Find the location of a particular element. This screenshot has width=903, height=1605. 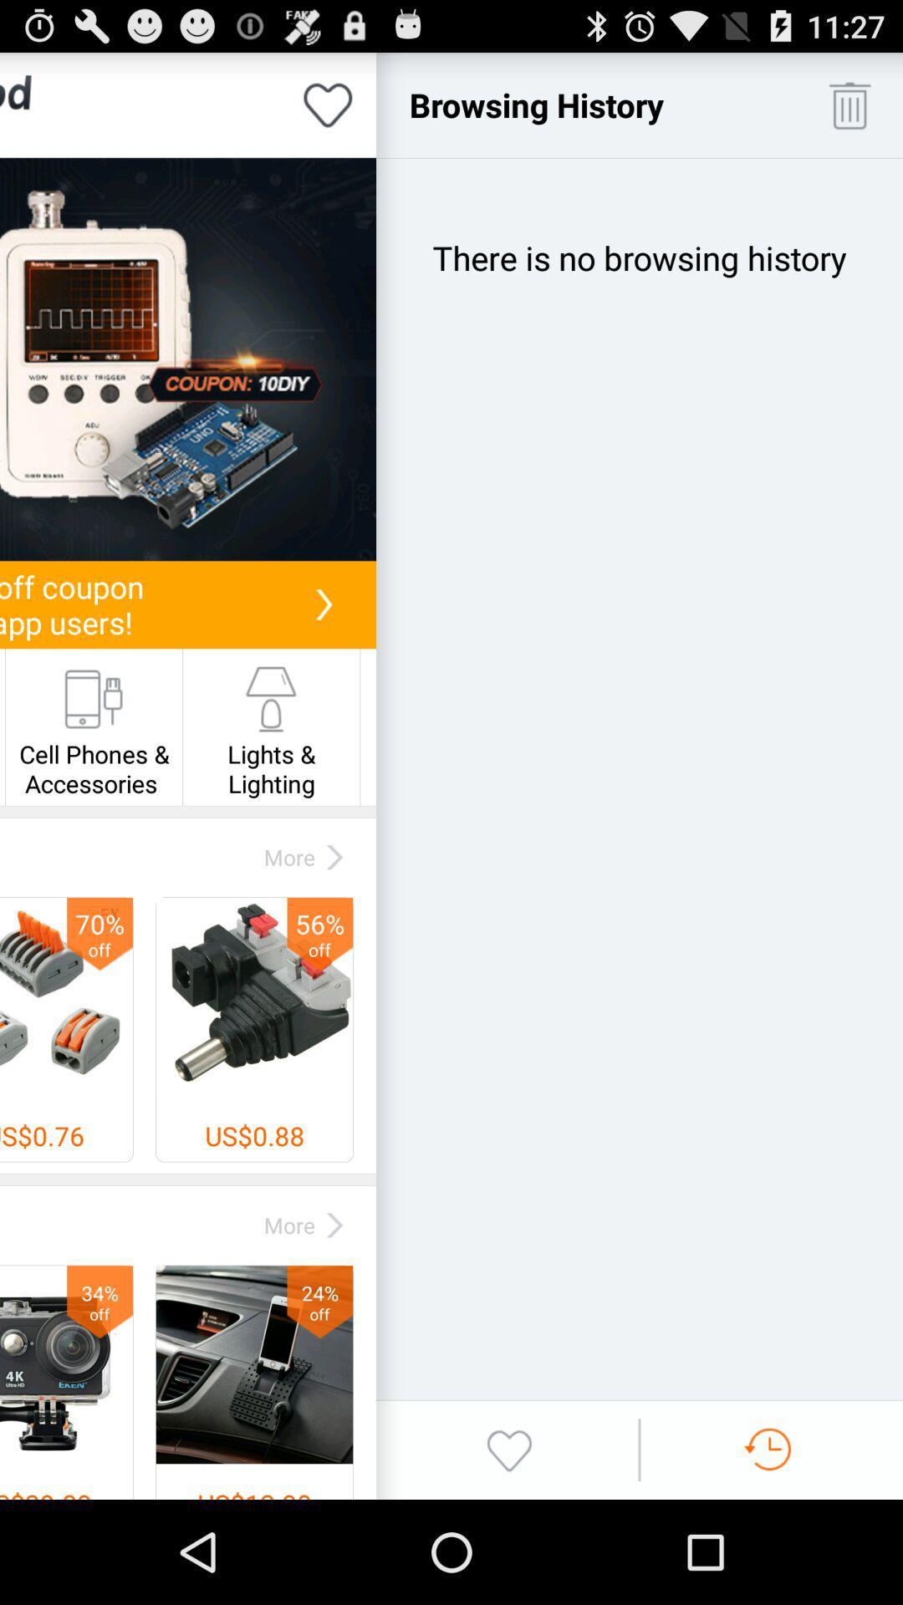

delete the current page is located at coordinates (849, 104).